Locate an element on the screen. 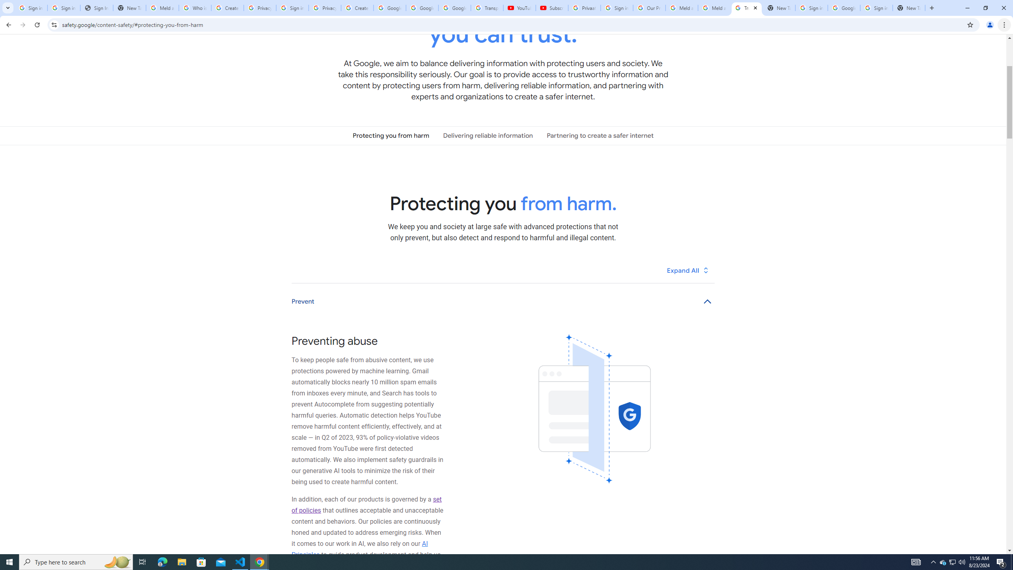 This screenshot has height=570, width=1013. 'Create your Google Account' is located at coordinates (357, 8).